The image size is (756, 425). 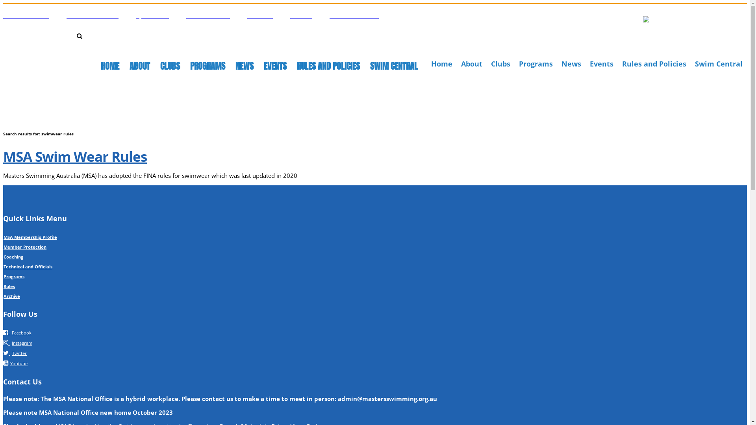 I want to click on 'Coaching', so click(x=13, y=257).